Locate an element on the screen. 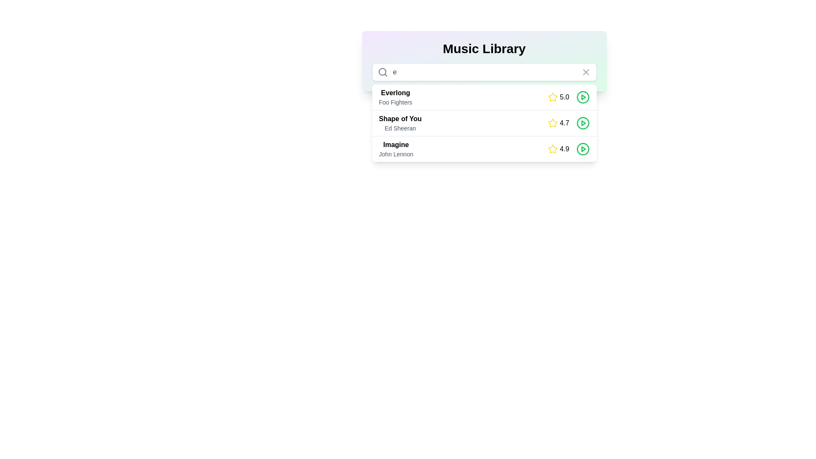  the SVG circle element that is part of the search icon located at the left end of the input field under the 'Music Library' heading is located at coordinates (382, 71).